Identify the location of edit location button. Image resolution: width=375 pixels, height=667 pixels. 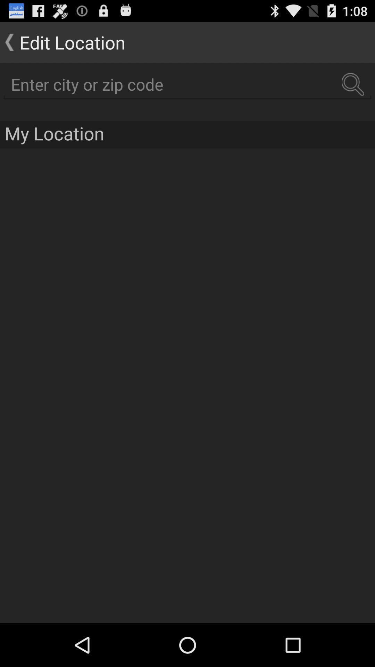
(62, 42).